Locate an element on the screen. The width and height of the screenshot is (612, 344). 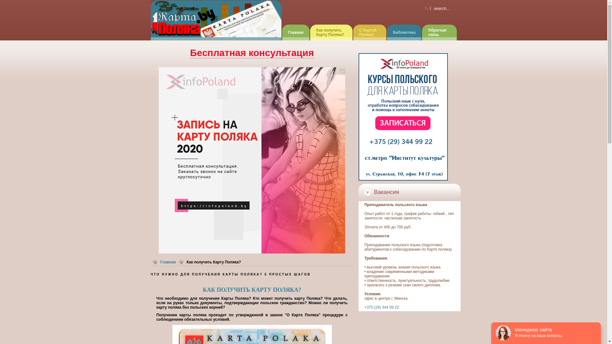
'+375 (29) 344 99 22' is located at coordinates (381, 307).